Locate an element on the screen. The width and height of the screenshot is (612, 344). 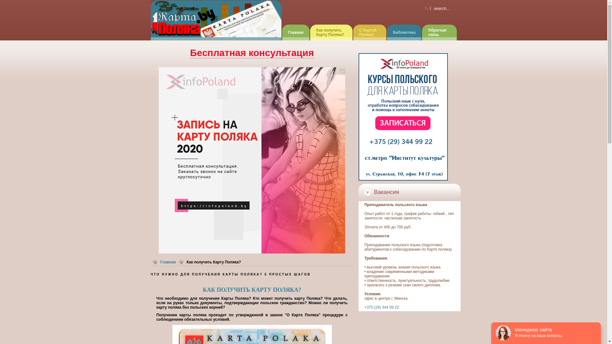
'+375 (29) 344 99 22' is located at coordinates (381, 307).